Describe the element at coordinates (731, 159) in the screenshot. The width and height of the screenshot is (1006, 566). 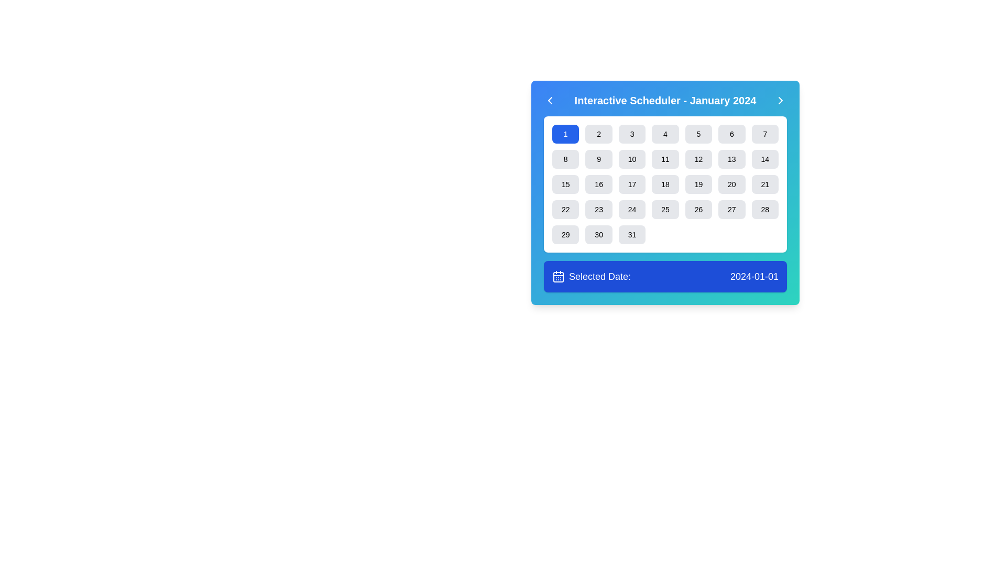
I see `the date '13' button in the second row and sixth column of the monthly calendar view` at that location.